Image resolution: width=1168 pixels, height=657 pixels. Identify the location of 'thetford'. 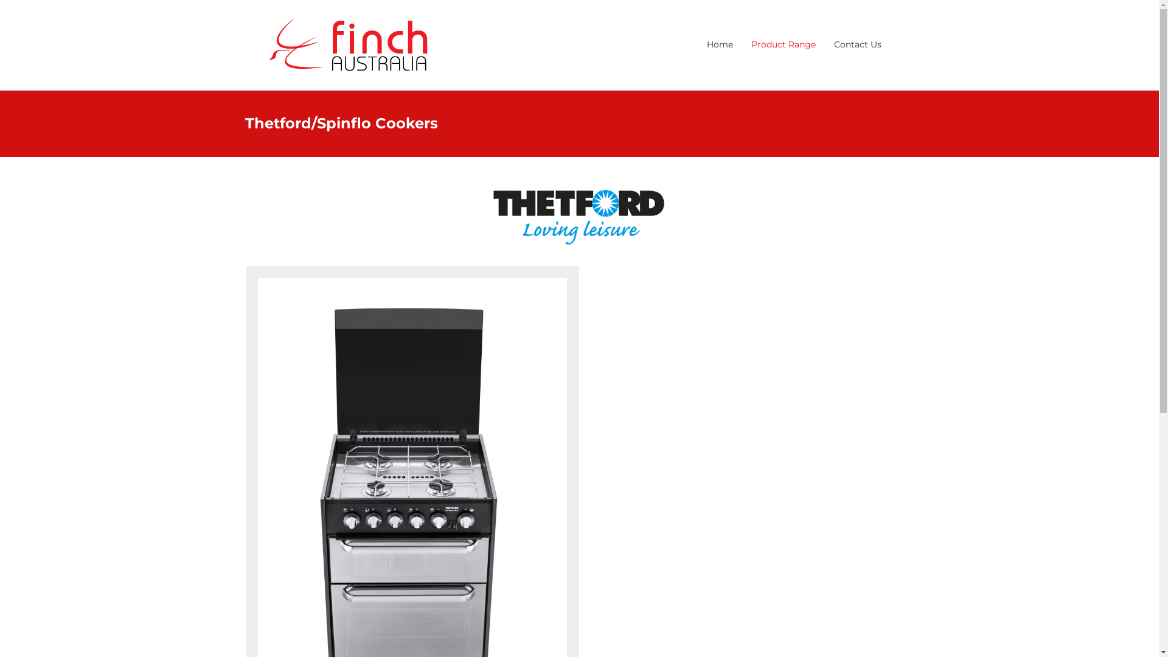
(578, 217).